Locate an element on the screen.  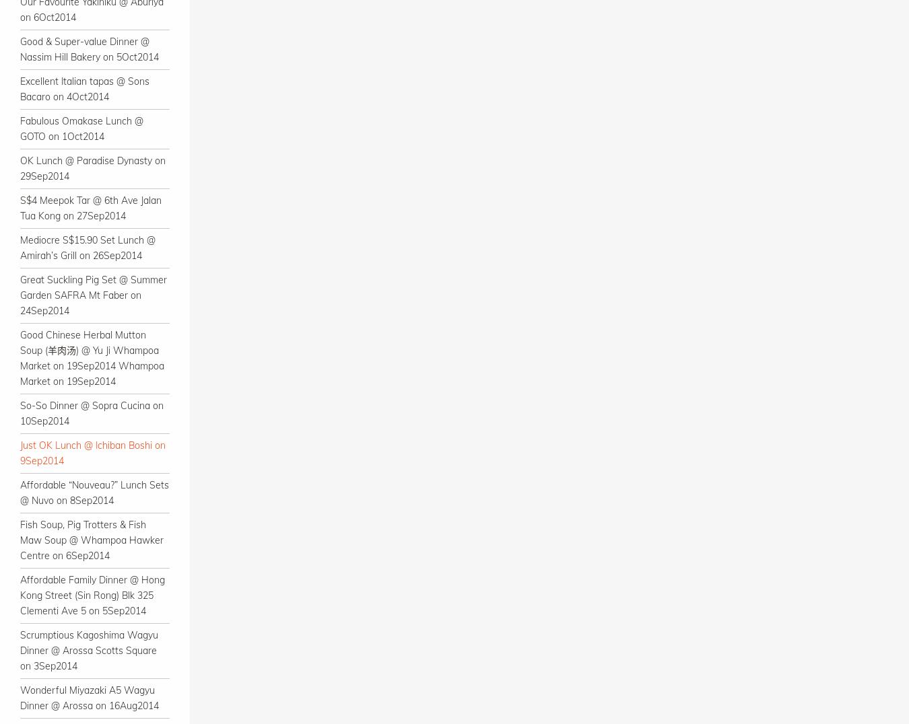
'Fish Soup, Pig Trotters & Fish Maw Soup @ Whampoa Hawker Centre on 6Sep2014' is located at coordinates (92, 540).